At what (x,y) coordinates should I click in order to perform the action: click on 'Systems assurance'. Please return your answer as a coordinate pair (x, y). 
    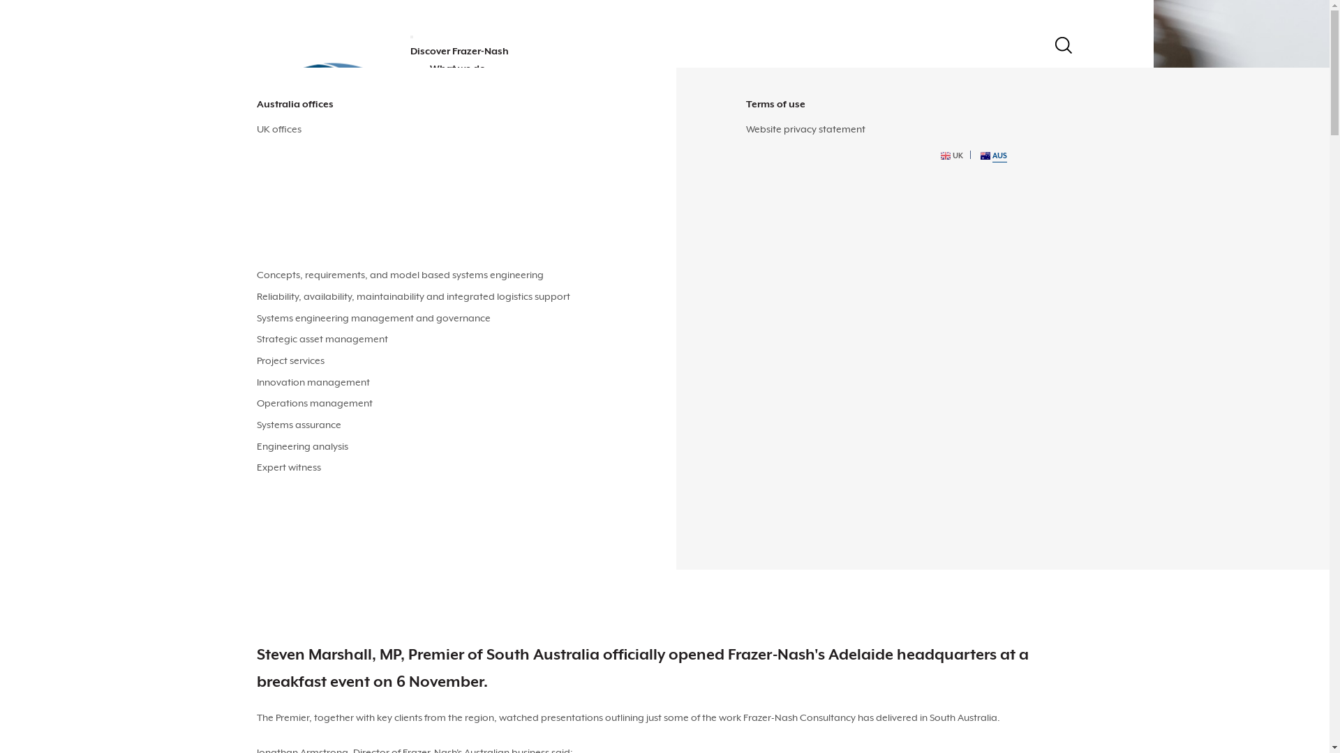
    Looking at the image, I should click on (257, 424).